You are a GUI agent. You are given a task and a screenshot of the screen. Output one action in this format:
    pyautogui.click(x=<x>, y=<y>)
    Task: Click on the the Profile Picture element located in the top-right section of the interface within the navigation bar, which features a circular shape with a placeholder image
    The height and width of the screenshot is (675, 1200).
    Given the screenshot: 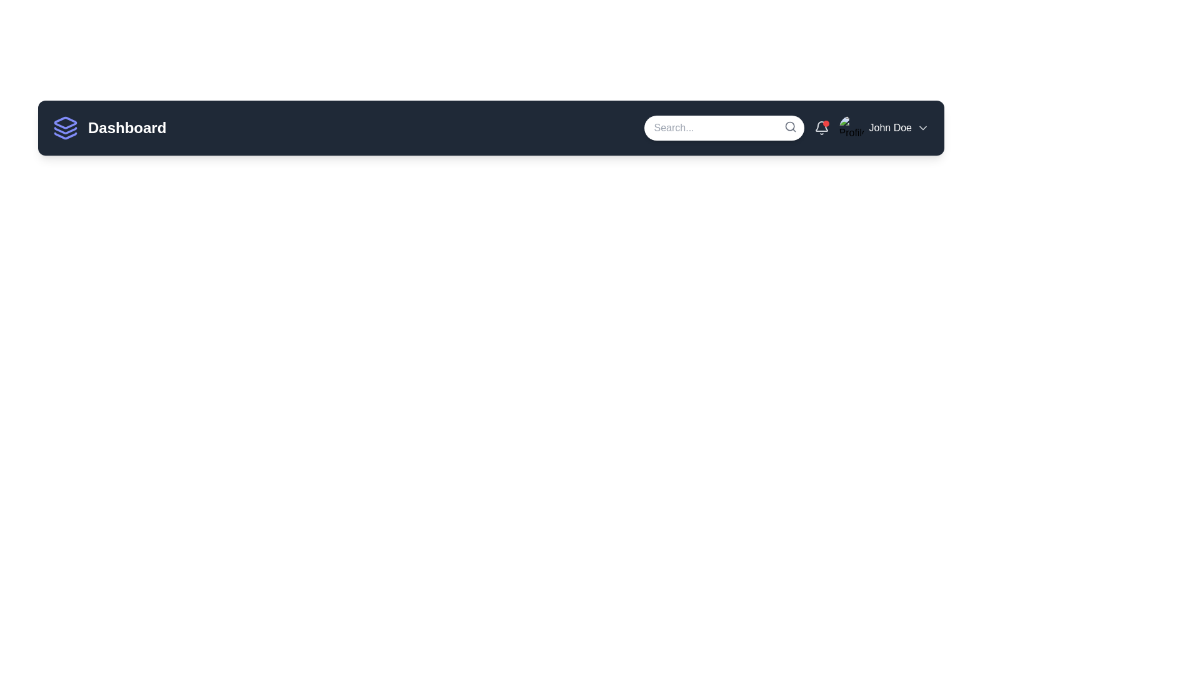 What is the action you would take?
    pyautogui.click(x=851, y=127)
    